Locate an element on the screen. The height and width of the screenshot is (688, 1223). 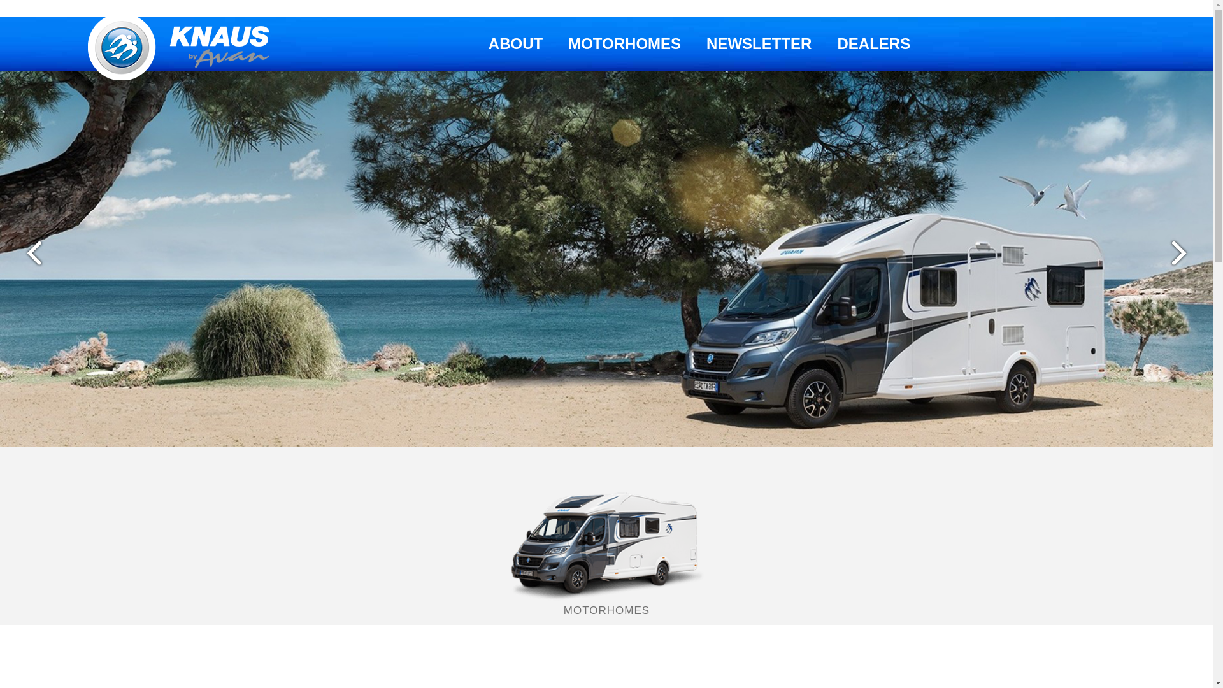
'ABOUT' is located at coordinates (475, 43).